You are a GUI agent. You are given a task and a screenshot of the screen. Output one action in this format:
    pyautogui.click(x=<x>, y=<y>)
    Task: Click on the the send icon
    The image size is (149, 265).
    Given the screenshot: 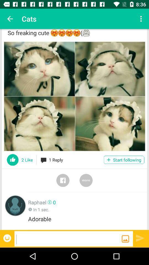 What is the action you would take?
    pyautogui.click(x=140, y=238)
    